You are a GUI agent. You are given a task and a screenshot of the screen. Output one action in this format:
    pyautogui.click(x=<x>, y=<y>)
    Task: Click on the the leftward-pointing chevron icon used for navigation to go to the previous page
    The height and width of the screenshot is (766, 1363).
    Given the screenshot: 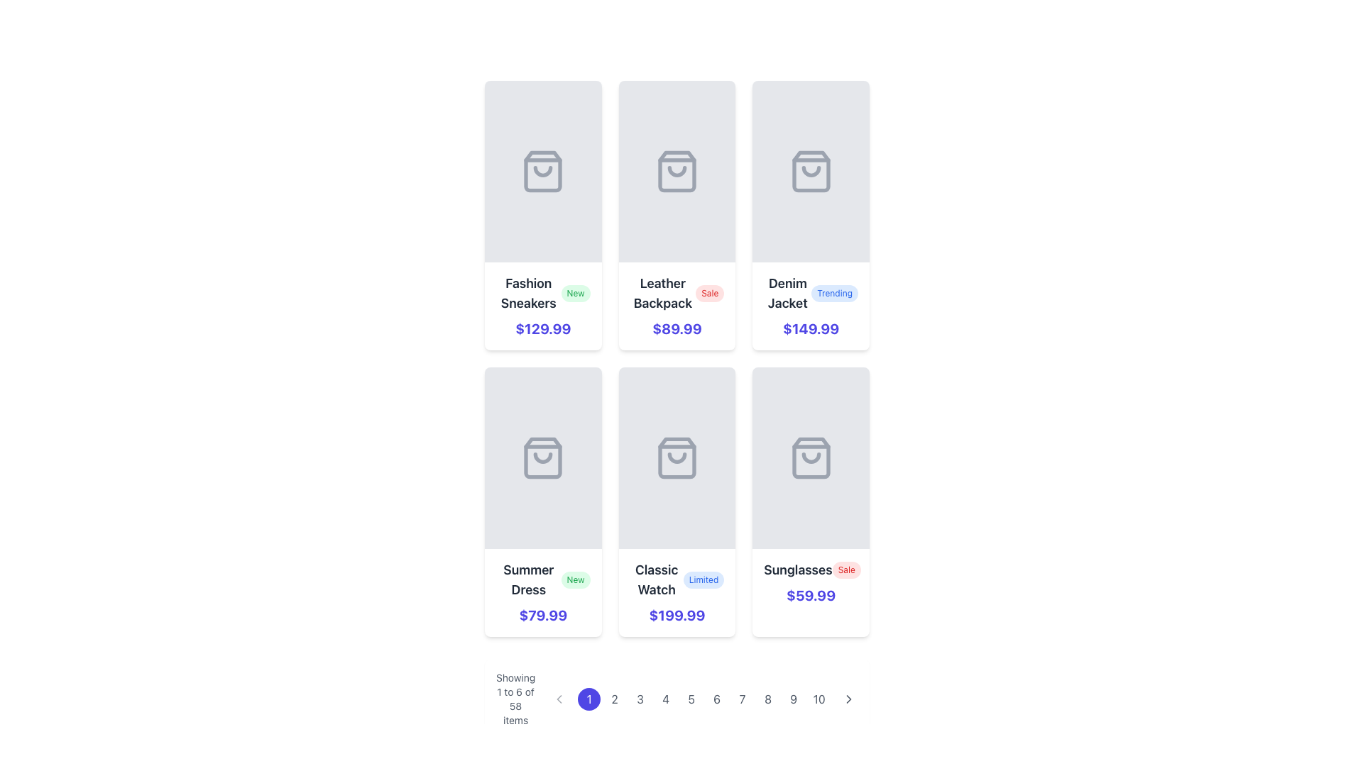 What is the action you would take?
    pyautogui.click(x=558, y=699)
    